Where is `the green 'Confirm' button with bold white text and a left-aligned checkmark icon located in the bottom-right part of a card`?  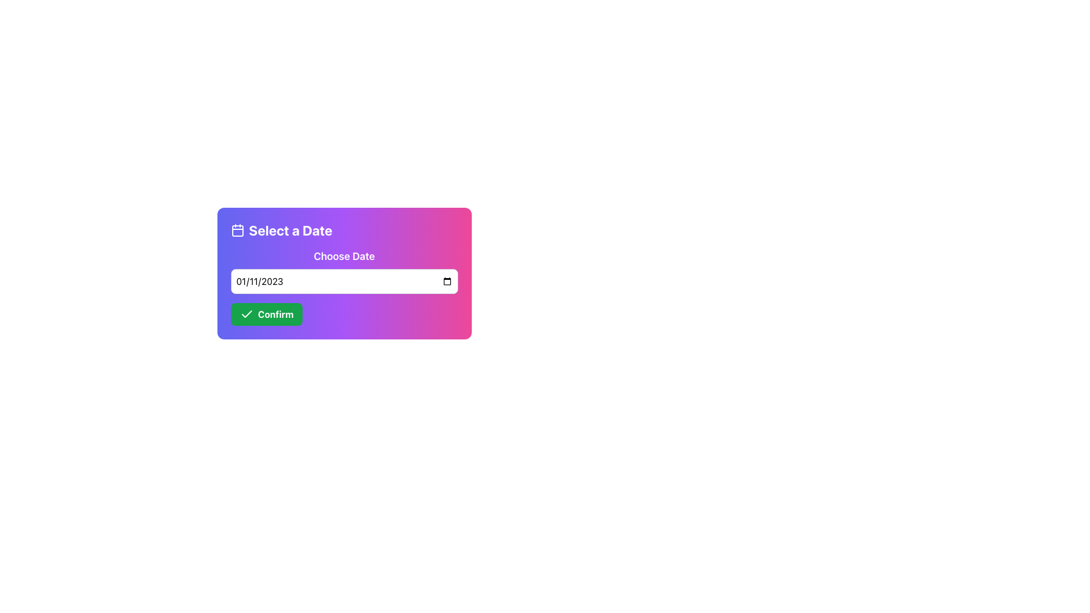
the green 'Confirm' button with bold white text and a left-aligned checkmark icon located in the bottom-right part of a card is located at coordinates (266, 314).